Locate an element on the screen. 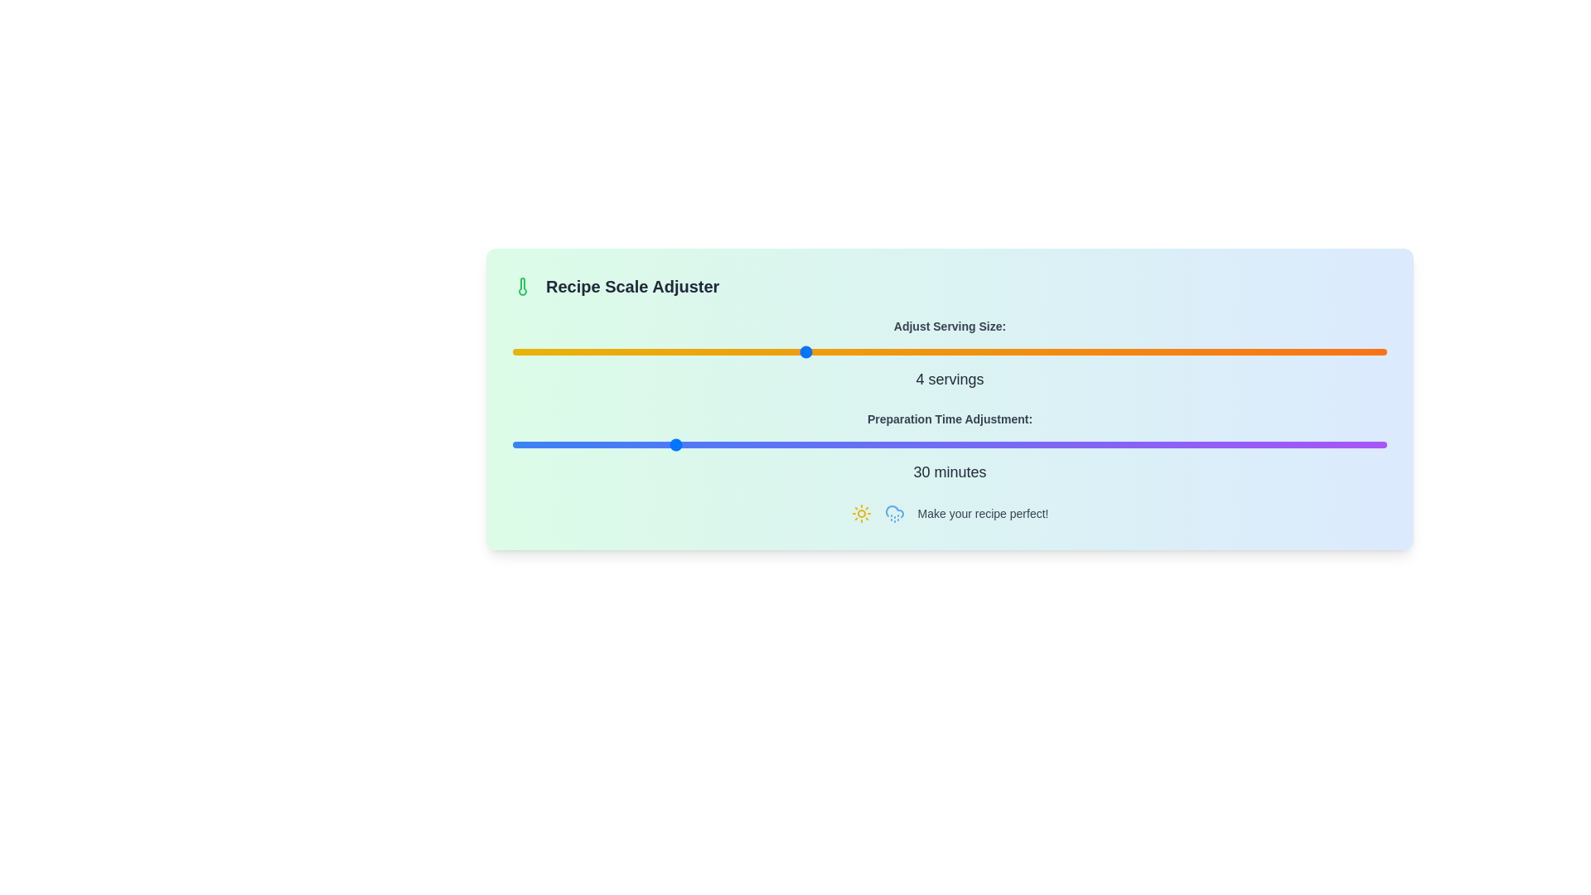  the preparation time is located at coordinates (1307, 443).